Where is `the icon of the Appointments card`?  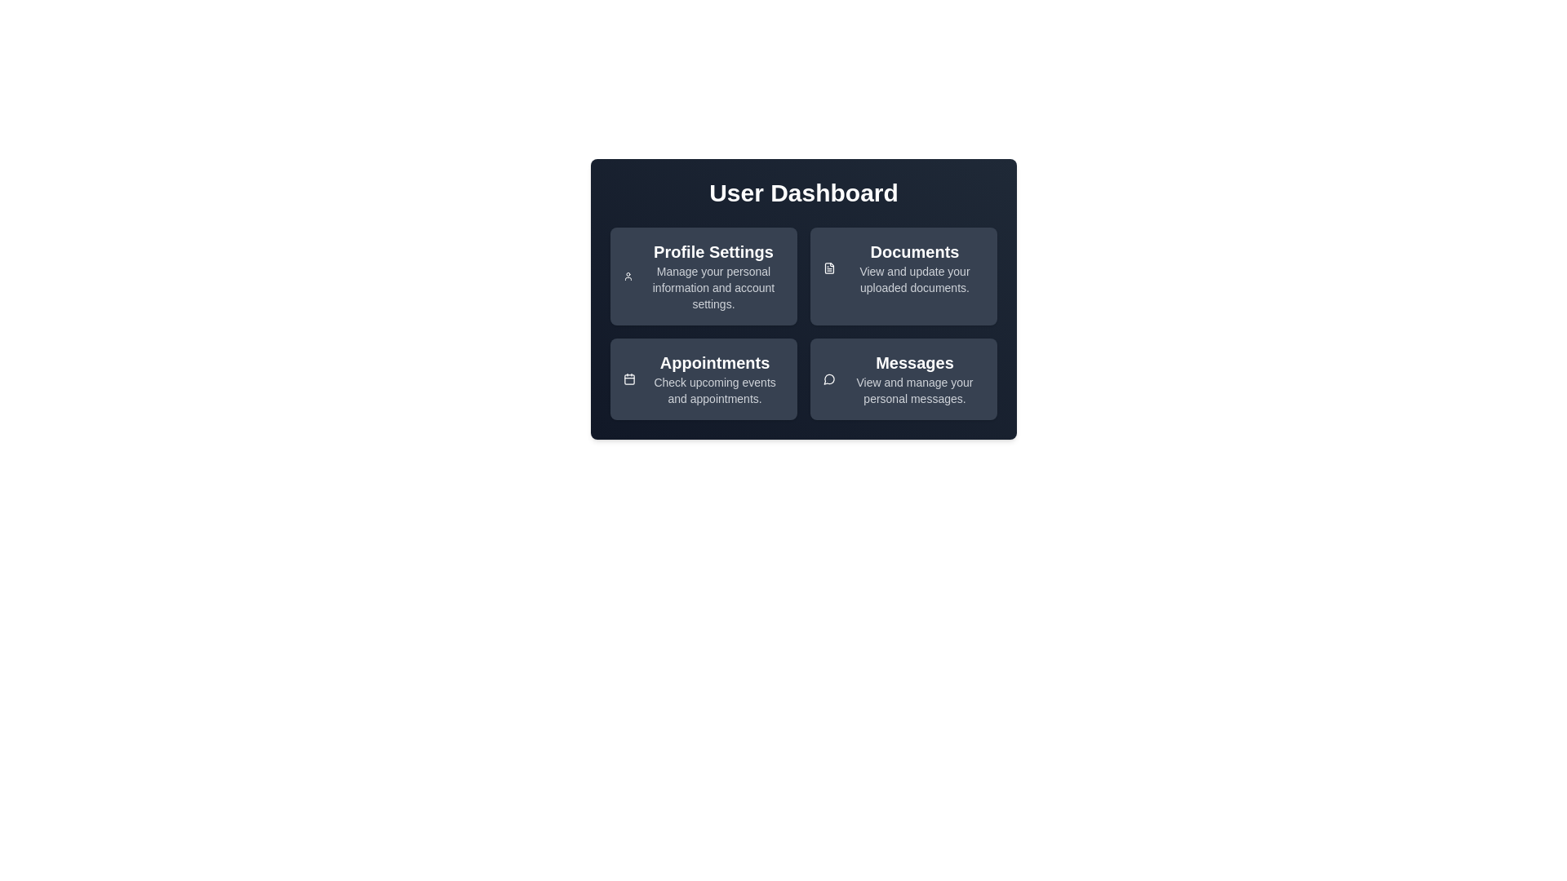
the icon of the Appointments card is located at coordinates (628, 379).